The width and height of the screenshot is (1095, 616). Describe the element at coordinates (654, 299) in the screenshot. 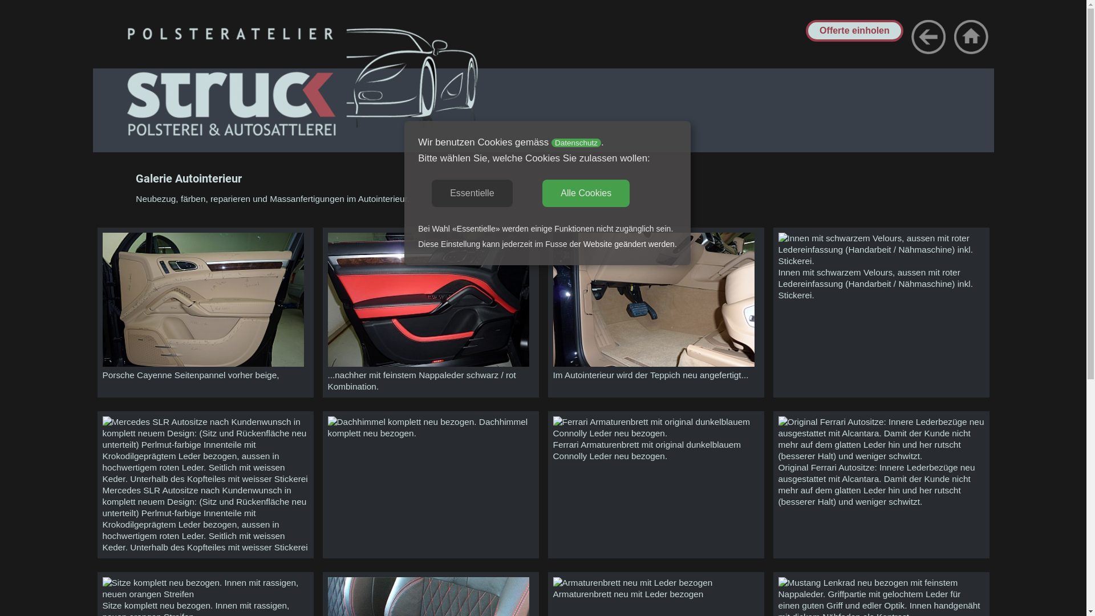

I see `'Im Autointerieur wird der Teppich neu angefertigt...'` at that location.